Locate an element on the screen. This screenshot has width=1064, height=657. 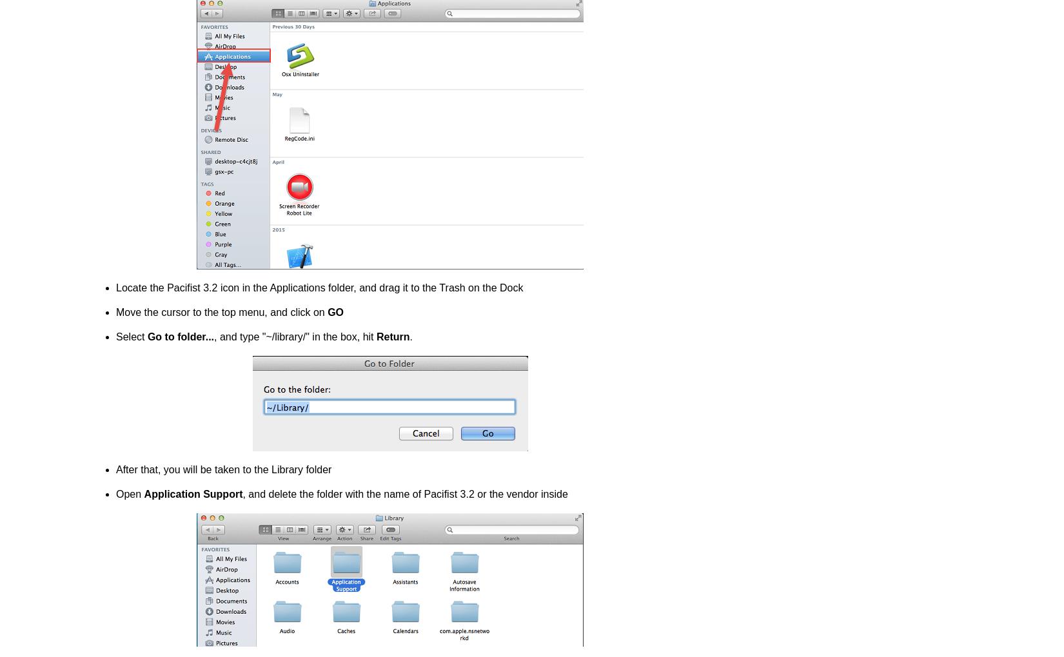
', and type "~/library/" in the box, hit' is located at coordinates (294, 337).